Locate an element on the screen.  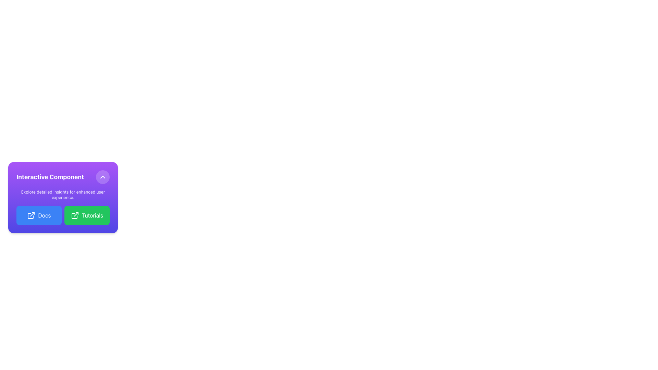
the static informational text located just below the larger title and above the 'Docs' and 'Tutorials' buttons is located at coordinates (63, 195).